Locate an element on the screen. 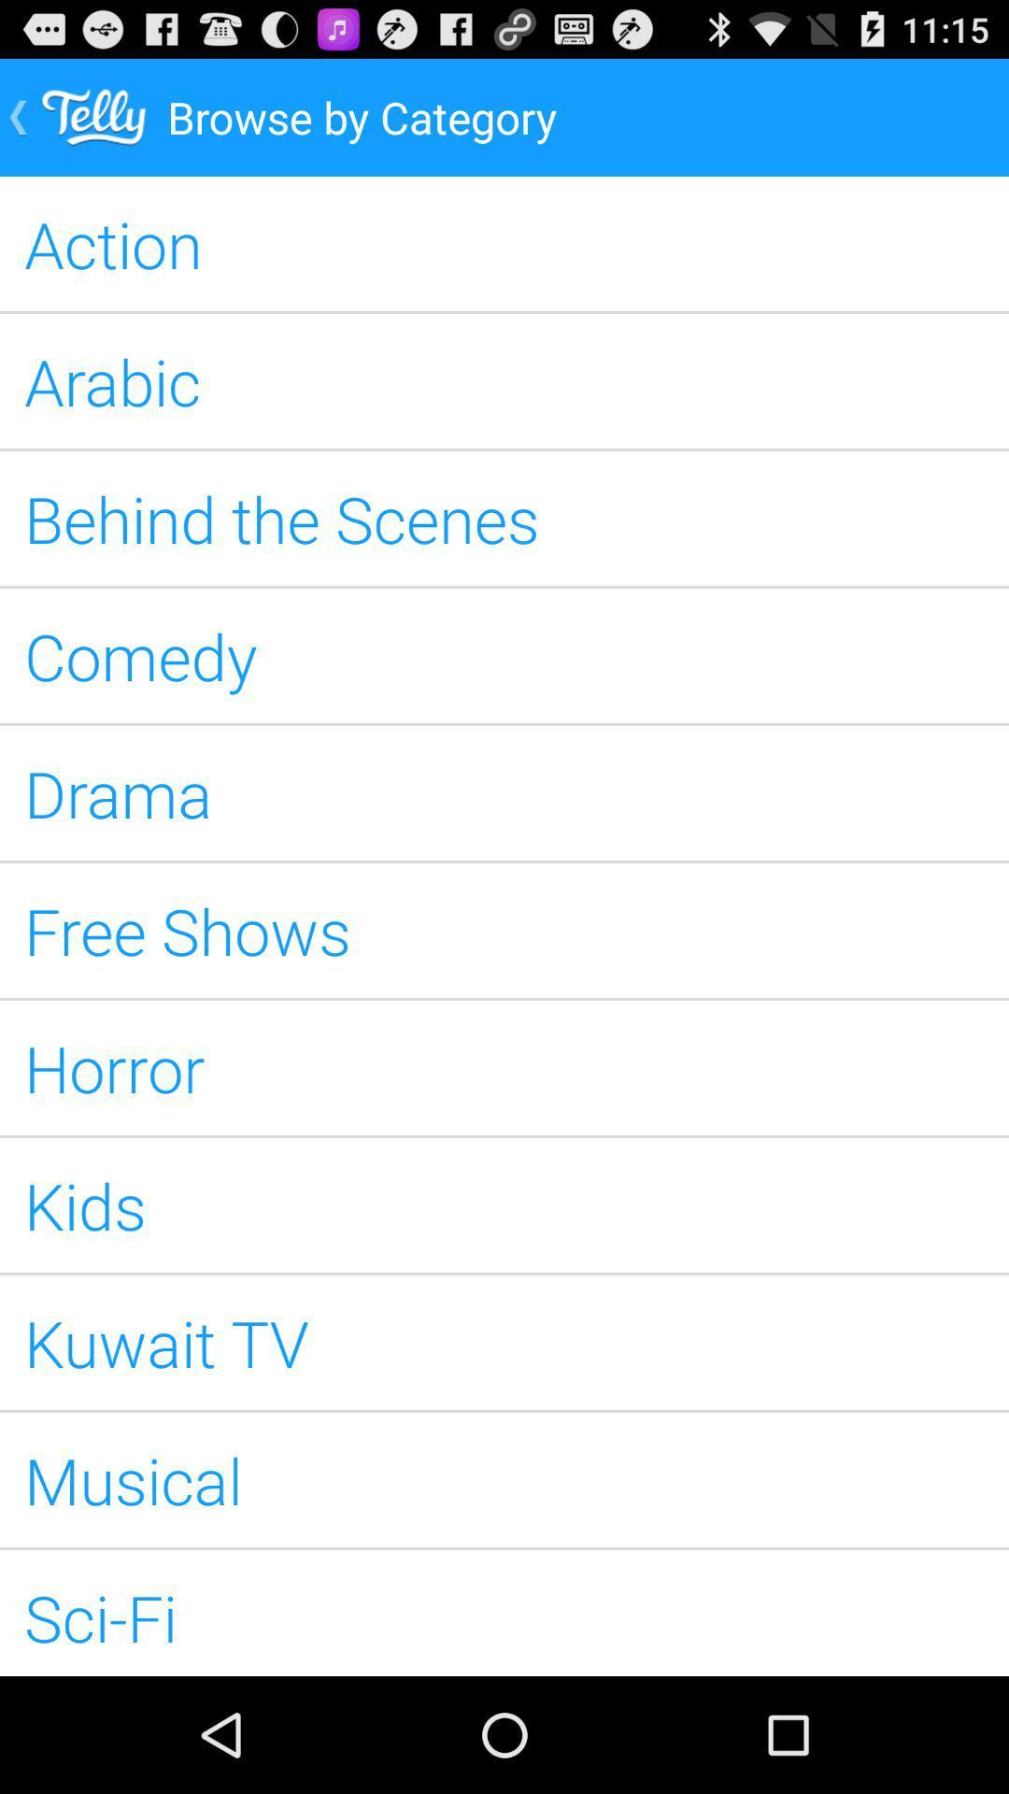 This screenshot has height=1794, width=1009. the app above sci-fi icon is located at coordinates (504, 1479).